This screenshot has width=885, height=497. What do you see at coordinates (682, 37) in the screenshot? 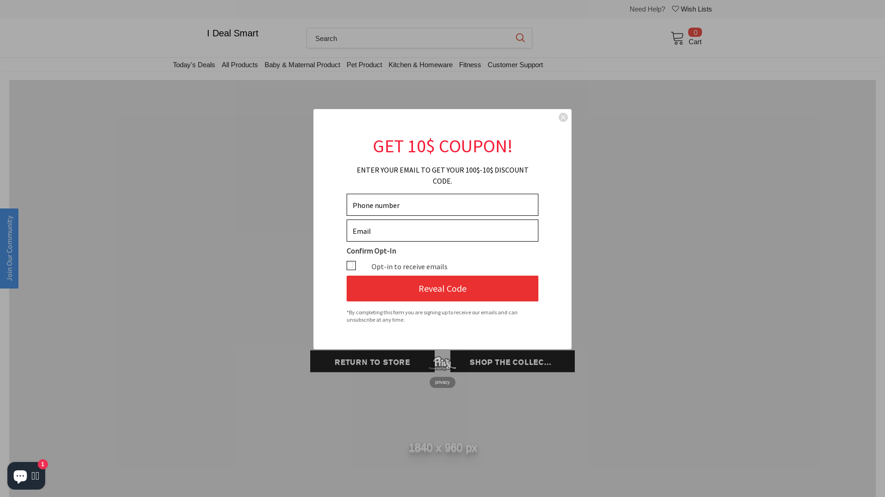
I see `'0` at bounding box center [682, 37].